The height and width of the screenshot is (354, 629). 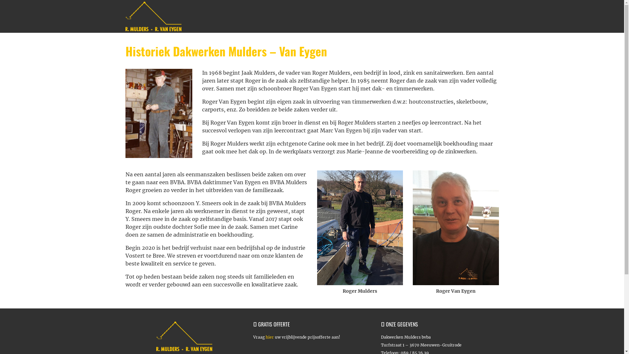 I want to click on 'hier', so click(x=269, y=337).